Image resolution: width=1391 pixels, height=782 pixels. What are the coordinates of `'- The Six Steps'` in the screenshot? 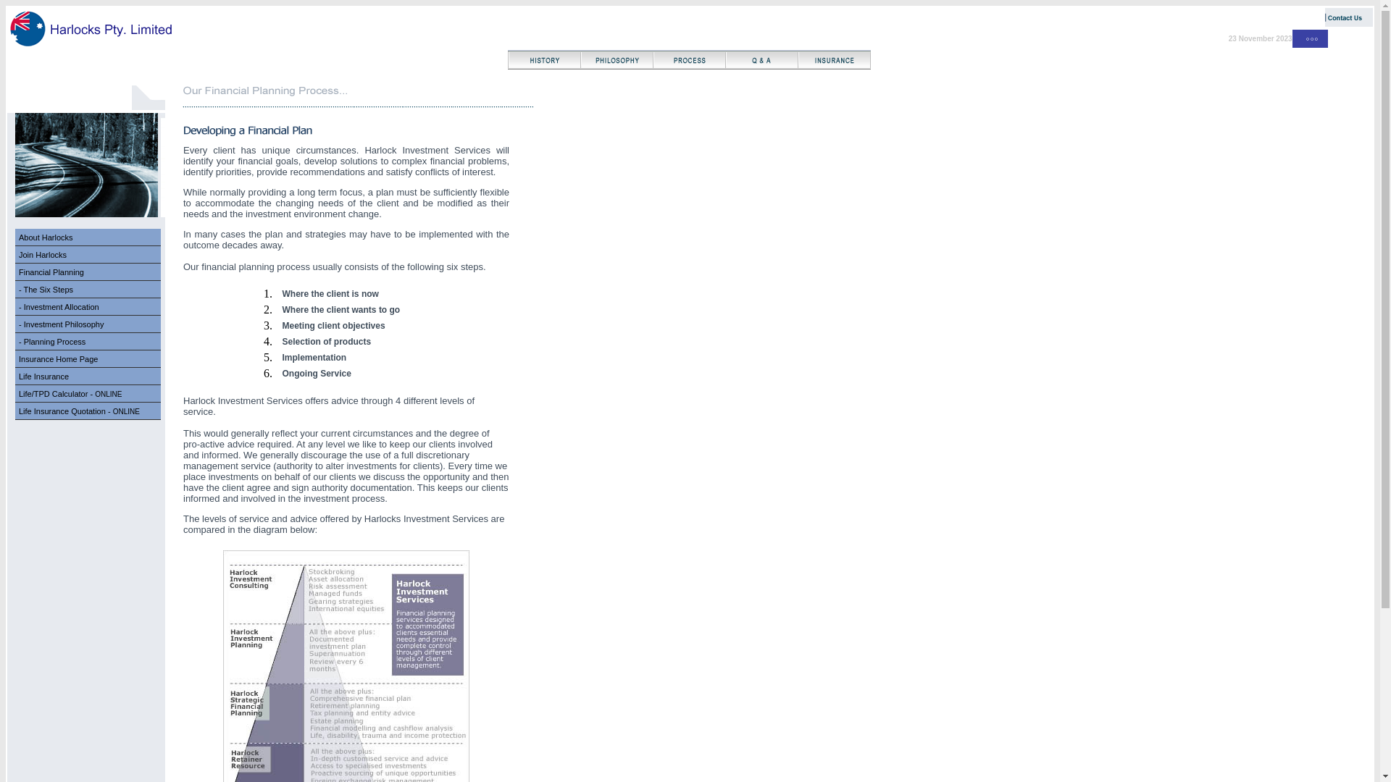 It's located at (46, 290).